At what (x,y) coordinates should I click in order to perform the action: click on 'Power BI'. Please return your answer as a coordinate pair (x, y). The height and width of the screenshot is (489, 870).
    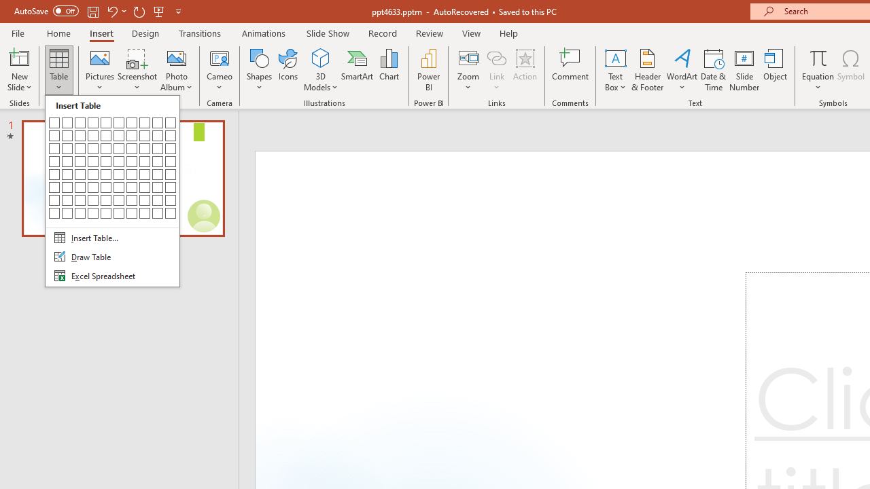
    Looking at the image, I should click on (428, 70).